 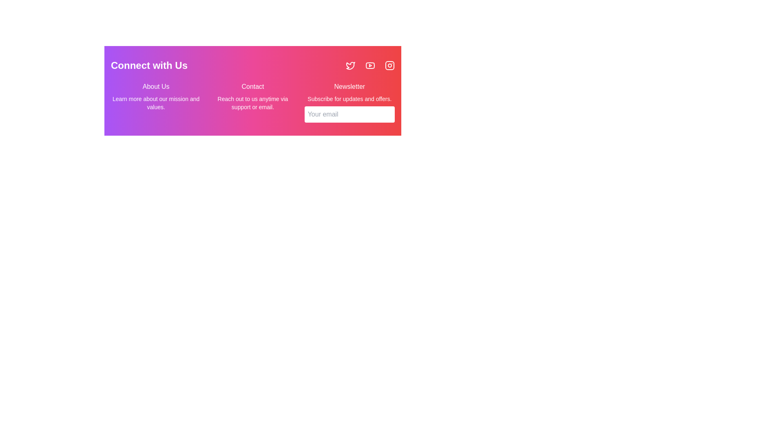 I want to click on the bold text label that states 'About Us', which is positioned in the top-left region above the descriptive text within a gradient-colored section, so click(x=156, y=86).